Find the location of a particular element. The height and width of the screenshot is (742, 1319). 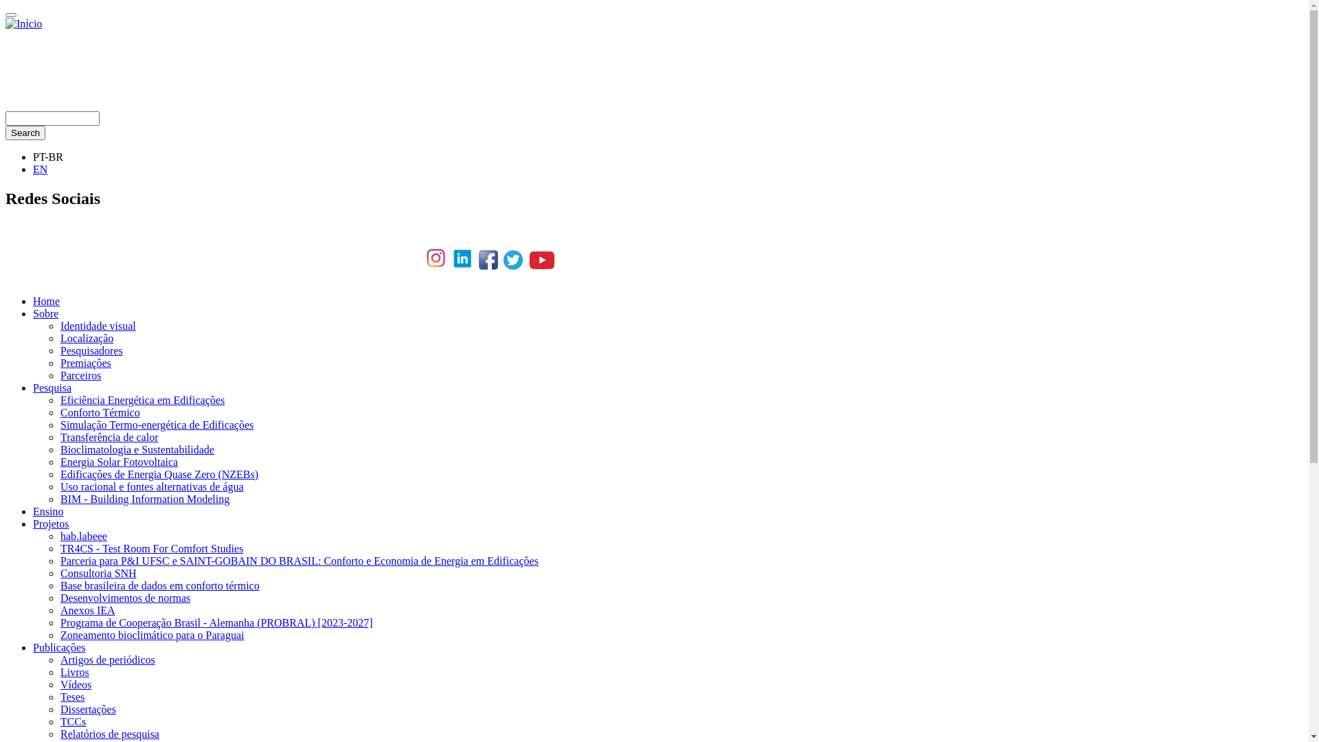

'Consultoria SNH' is located at coordinates (59, 573).